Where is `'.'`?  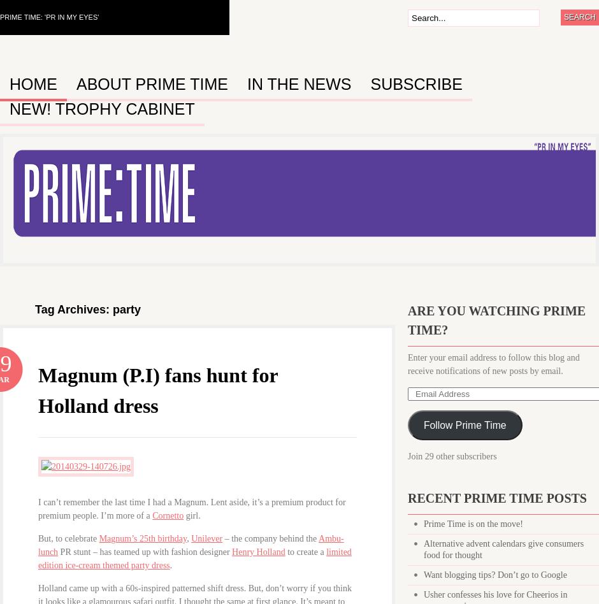 '.' is located at coordinates (170, 564).